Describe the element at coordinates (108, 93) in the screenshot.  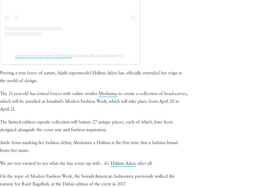
I see `'Modanisa'` at that location.